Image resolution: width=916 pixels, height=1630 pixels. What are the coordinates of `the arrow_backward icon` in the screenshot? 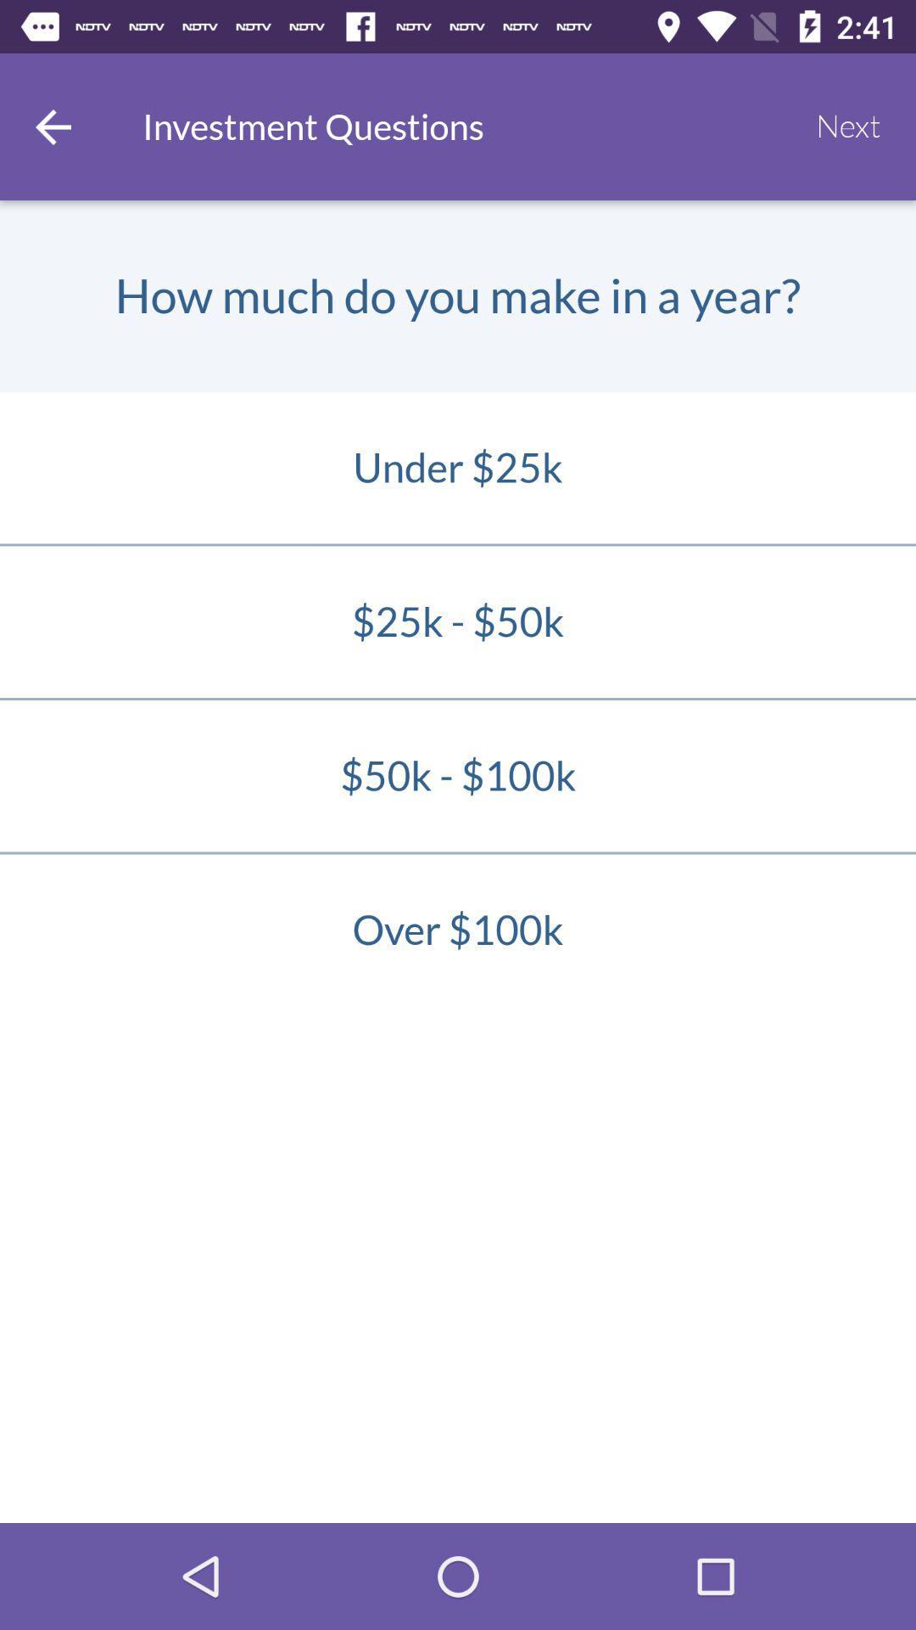 It's located at (52, 126).